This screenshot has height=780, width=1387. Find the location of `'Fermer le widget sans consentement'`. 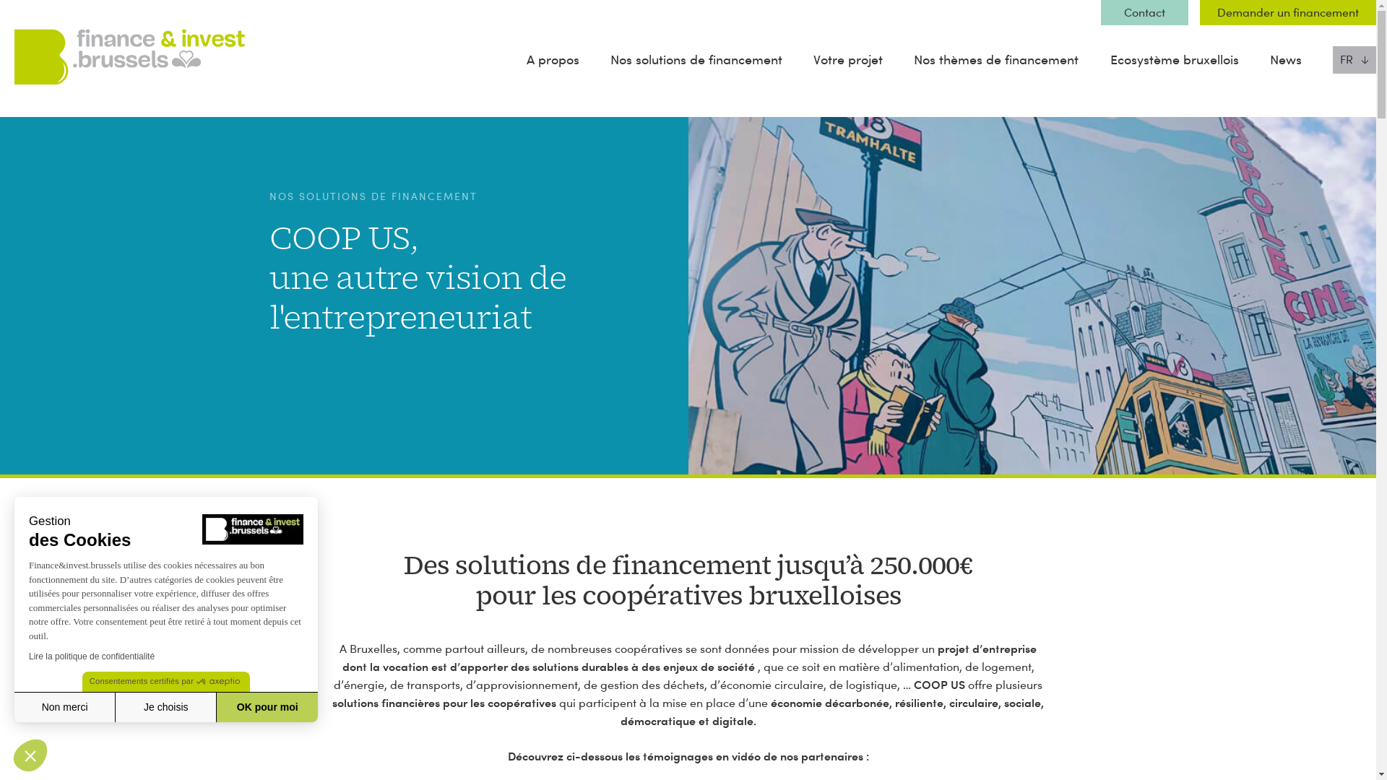

'Fermer le widget sans consentement' is located at coordinates (30, 754).